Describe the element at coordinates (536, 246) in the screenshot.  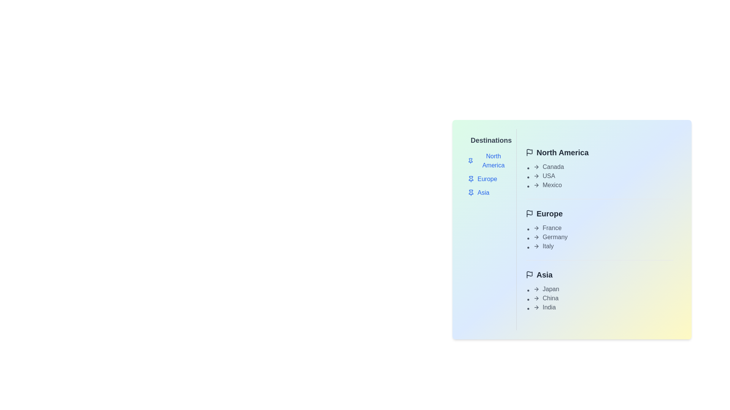
I see `the visual cue provided by the decorative or functional icon positioned to the left of the 'Italy' list item, which is the first element under the 'Europe' heading` at that location.